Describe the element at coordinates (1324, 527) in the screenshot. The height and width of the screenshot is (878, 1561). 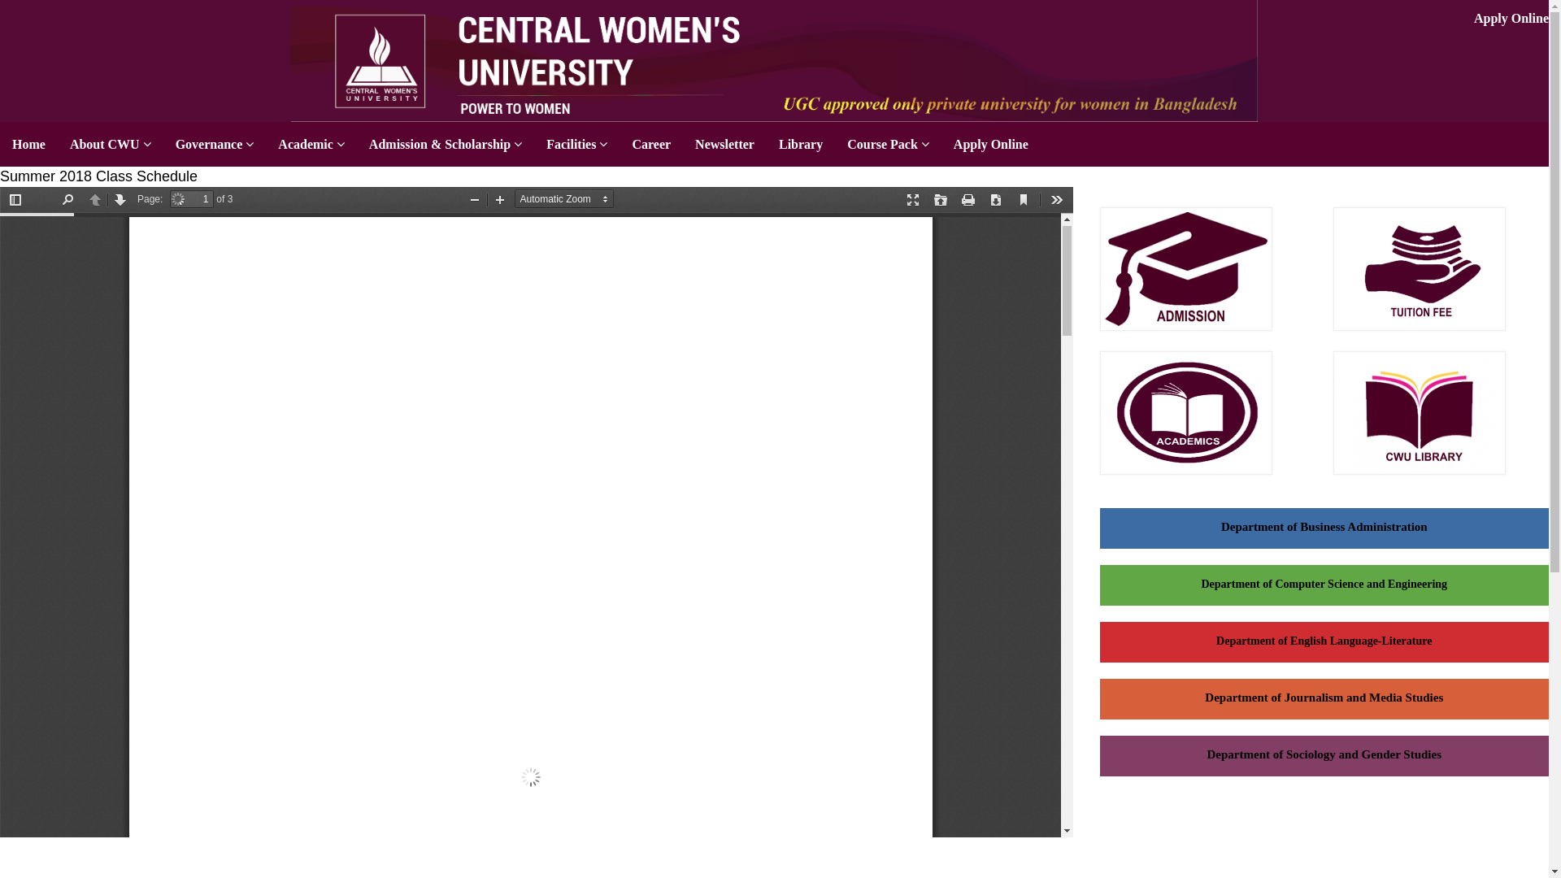
I see `'Department of Business Administration'` at that location.